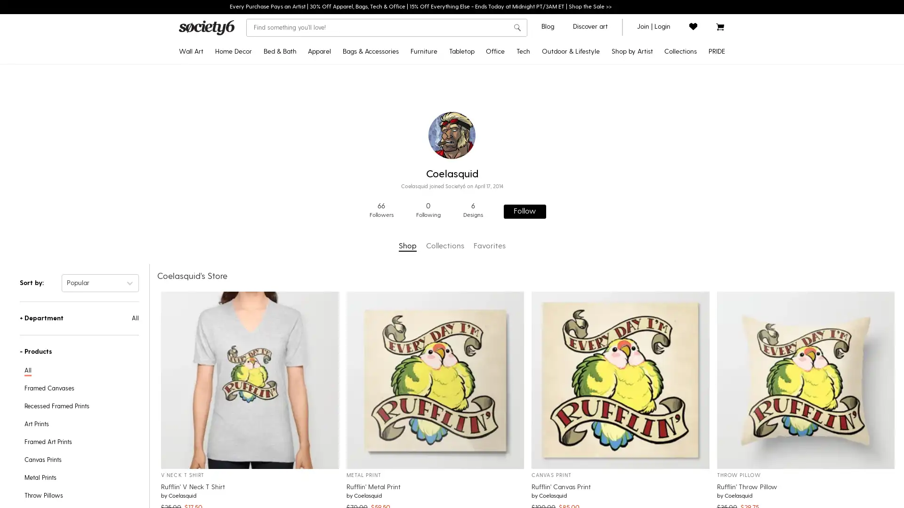 Image resolution: width=904 pixels, height=508 pixels. Describe the element at coordinates (646, 257) in the screenshot. I see `Introducing: Tabletop Textiles` at that location.